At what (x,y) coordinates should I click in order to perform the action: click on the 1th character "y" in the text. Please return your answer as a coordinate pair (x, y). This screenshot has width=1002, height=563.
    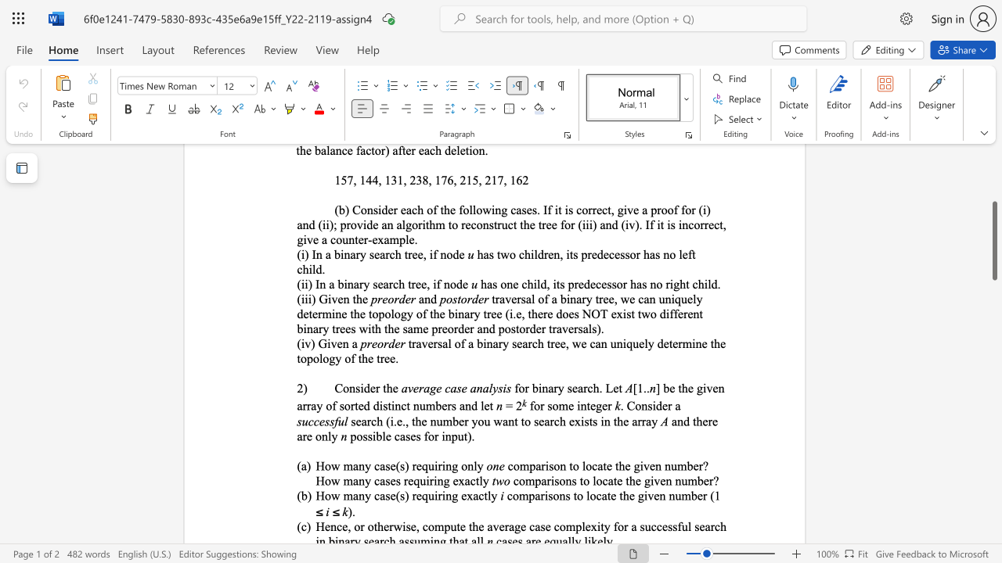
    Looking at the image, I should click on (333, 436).